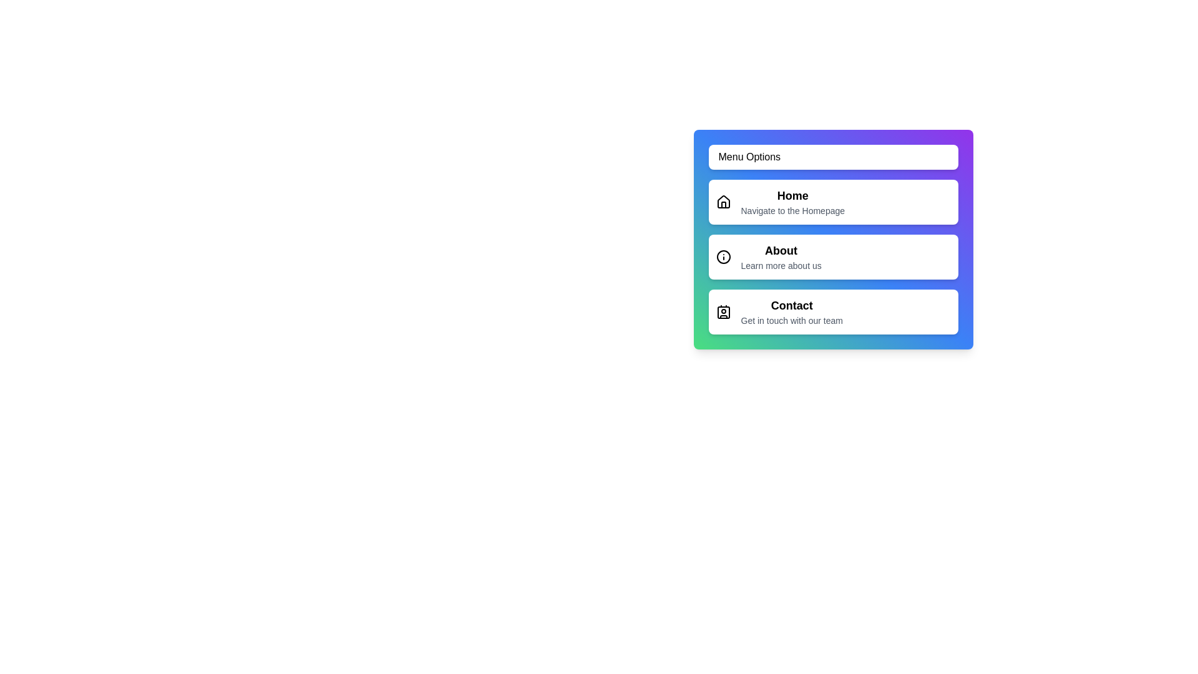  Describe the element at coordinates (833, 256) in the screenshot. I see `the menu item labeled About` at that location.